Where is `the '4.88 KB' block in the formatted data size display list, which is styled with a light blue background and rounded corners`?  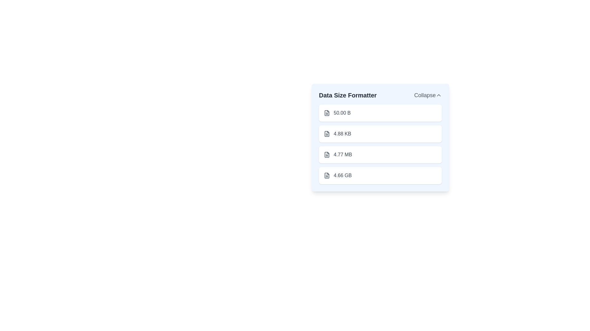 the '4.88 KB' block in the formatted data size display list, which is styled with a light blue background and rounded corners is located at coordinates (380, 137).